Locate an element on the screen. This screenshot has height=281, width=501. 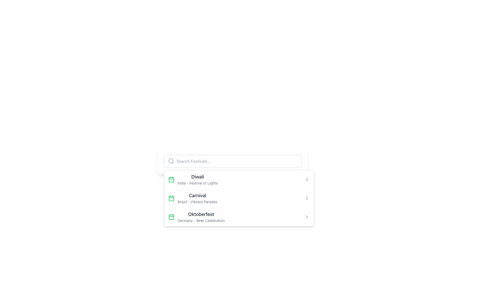
the first item in the dropdown menu labeled 'DiwaliIndia - Festival of Lights', which features a green calendar icon and styled text is located at coordinates (193, 179).